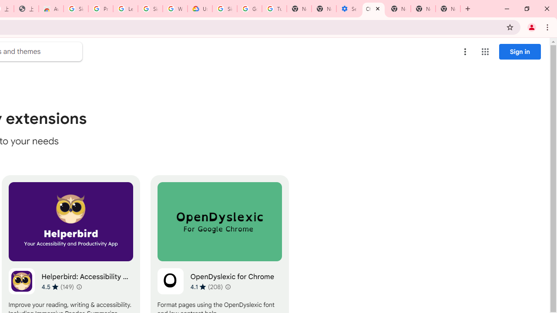  I want to click on 'Average rating 4.5 out of 5 stars. 149 ratings.', so click(57, 286).